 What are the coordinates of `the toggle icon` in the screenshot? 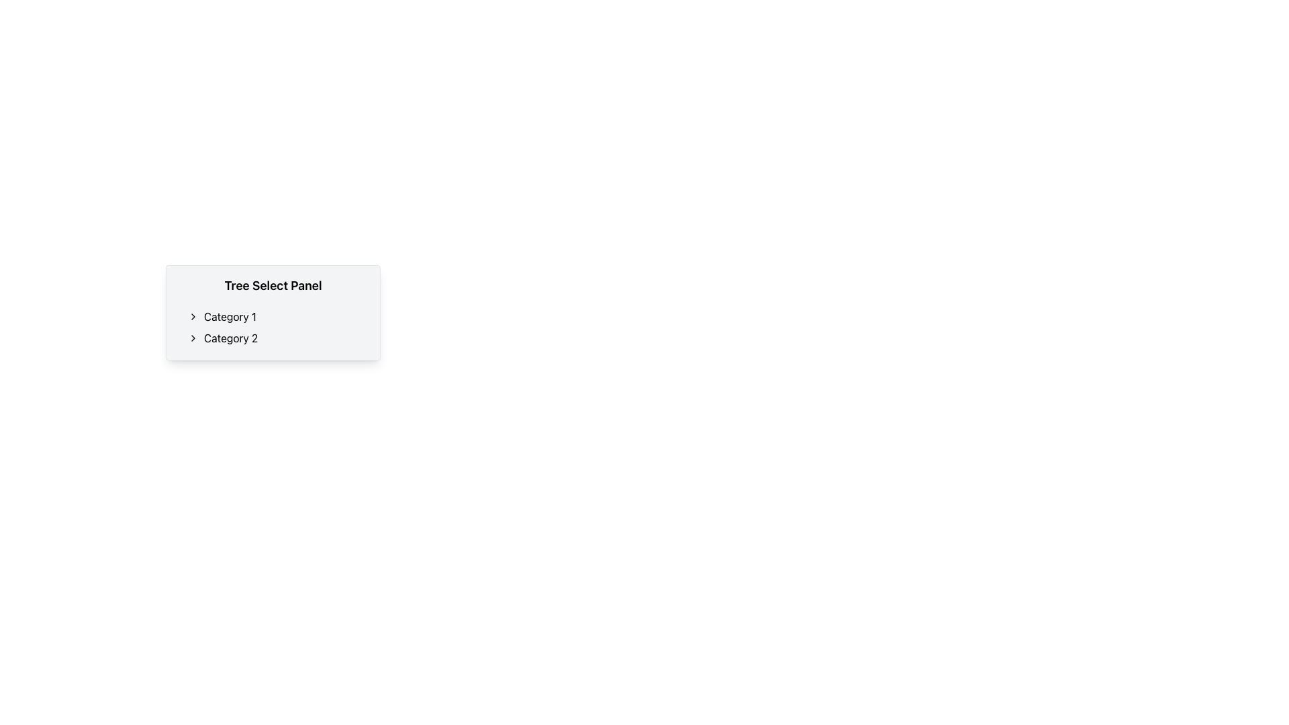 It's located at (193, 338).